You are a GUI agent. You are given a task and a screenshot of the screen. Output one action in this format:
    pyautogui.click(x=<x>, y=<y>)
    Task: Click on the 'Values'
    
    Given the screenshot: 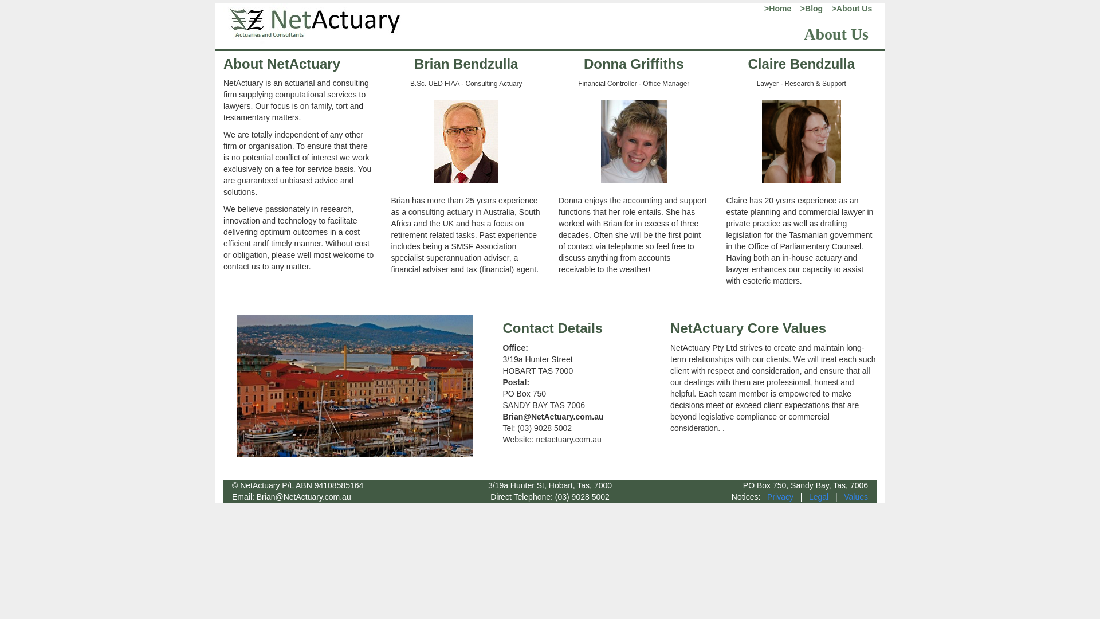 What is the action you would take?
    pyautogui.click(x=844, y=496)
    